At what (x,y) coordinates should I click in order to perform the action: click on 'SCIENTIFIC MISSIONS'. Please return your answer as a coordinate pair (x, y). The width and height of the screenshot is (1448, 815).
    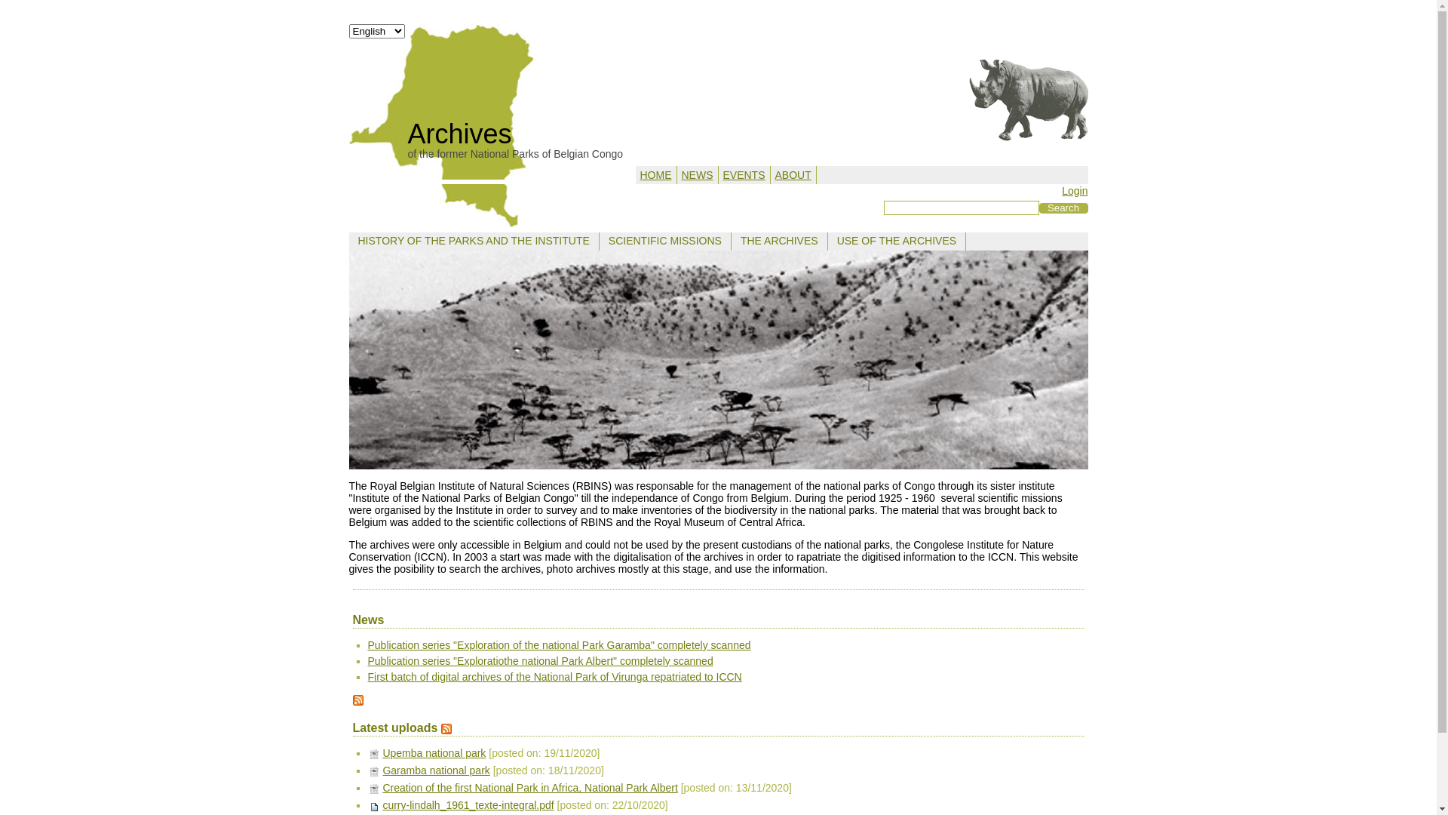
    Looking at the image, I should click on (664, 240).